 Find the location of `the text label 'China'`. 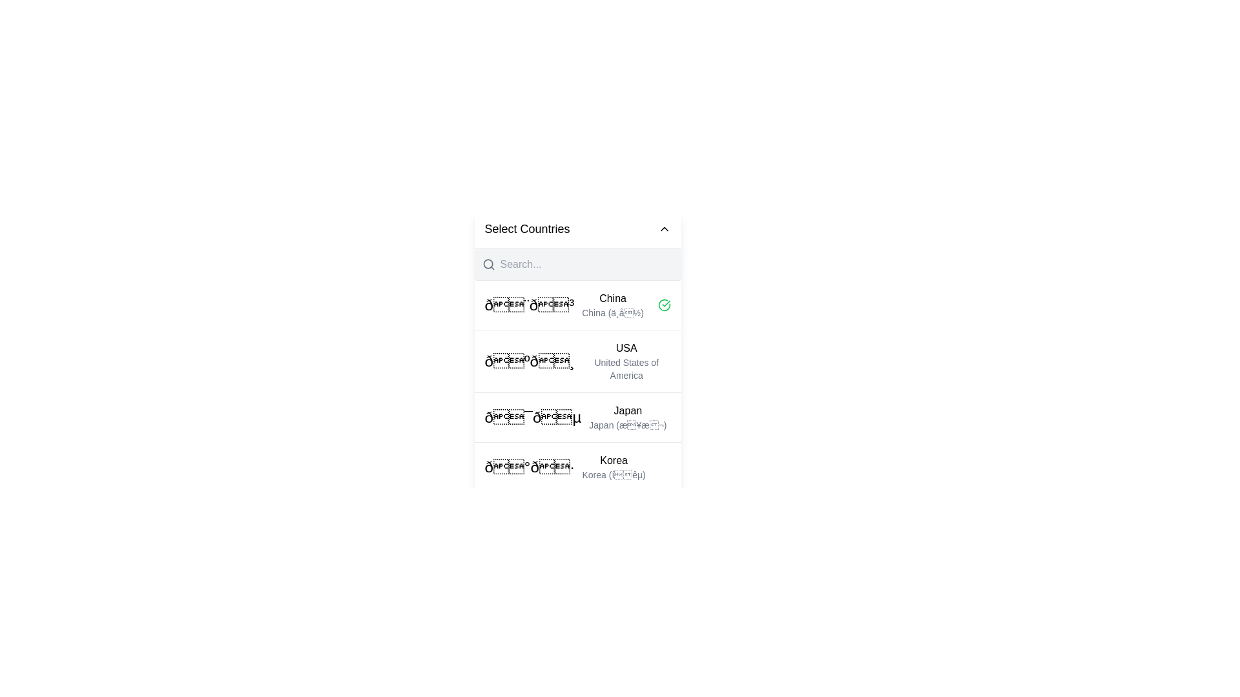

the text label 'China' is located at coordinates (612, 298).